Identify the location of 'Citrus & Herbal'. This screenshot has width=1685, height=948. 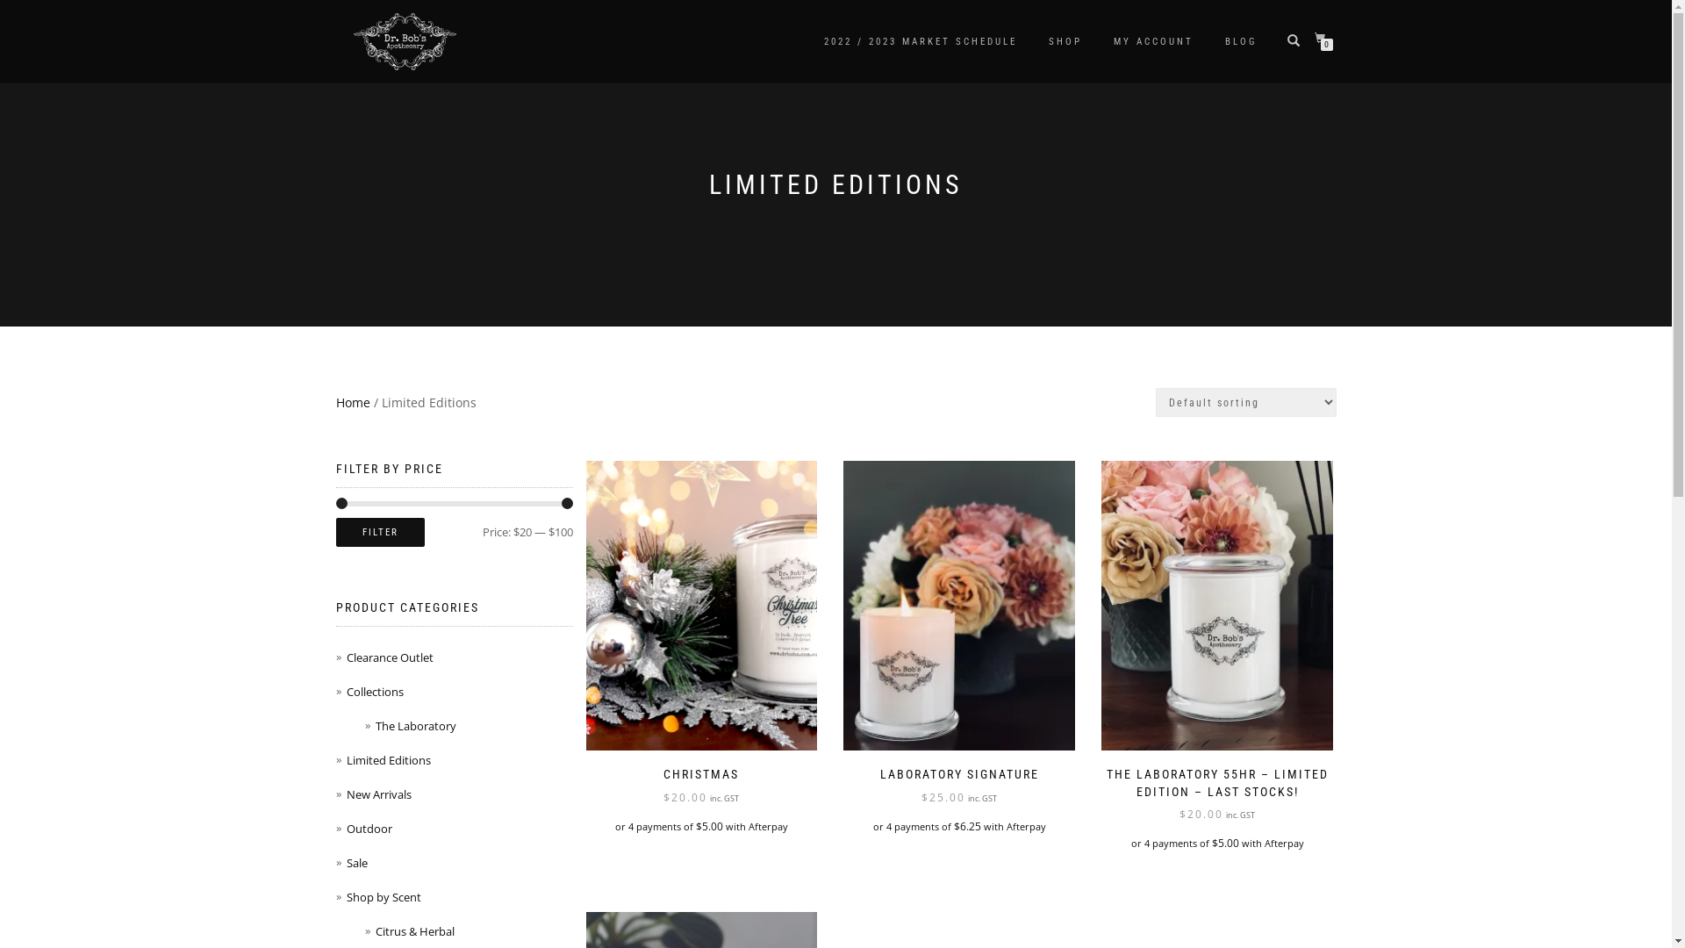
(374, 930).